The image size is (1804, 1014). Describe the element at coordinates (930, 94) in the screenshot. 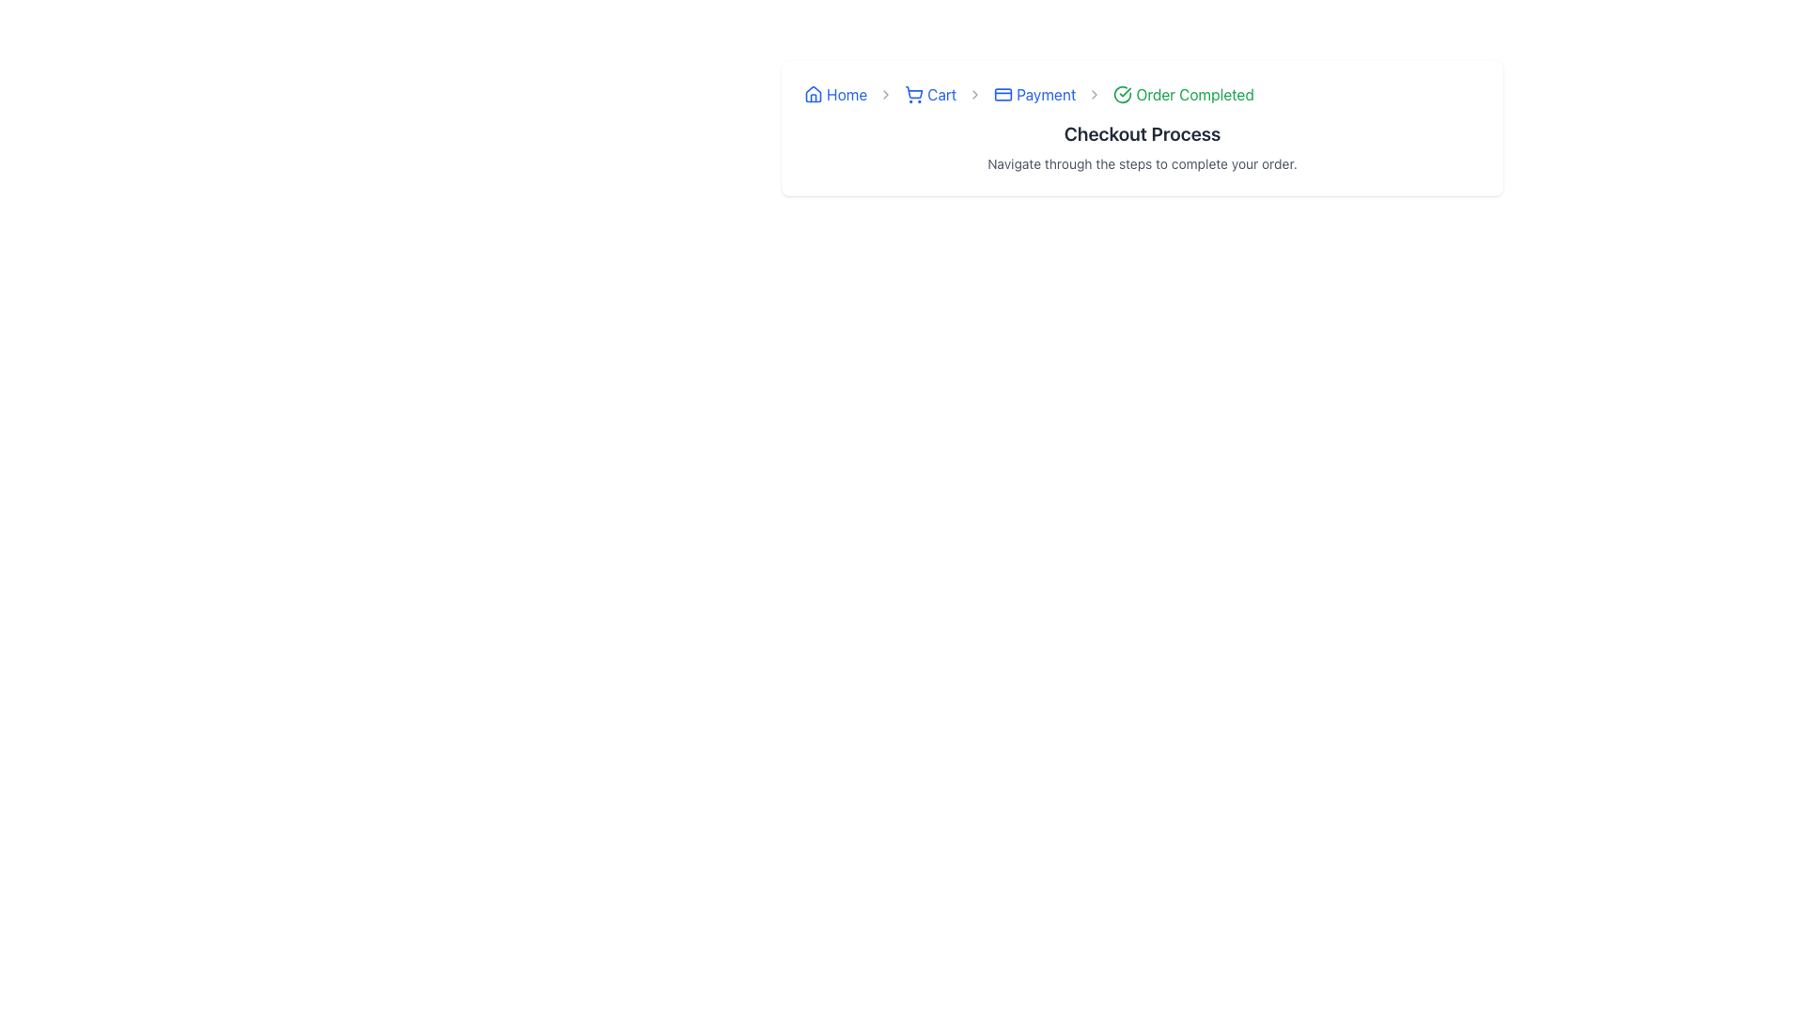

I see `the 'Cart' breadcrumb navigation item, which is styled in blue and includes a shopping cart icon` at that location.